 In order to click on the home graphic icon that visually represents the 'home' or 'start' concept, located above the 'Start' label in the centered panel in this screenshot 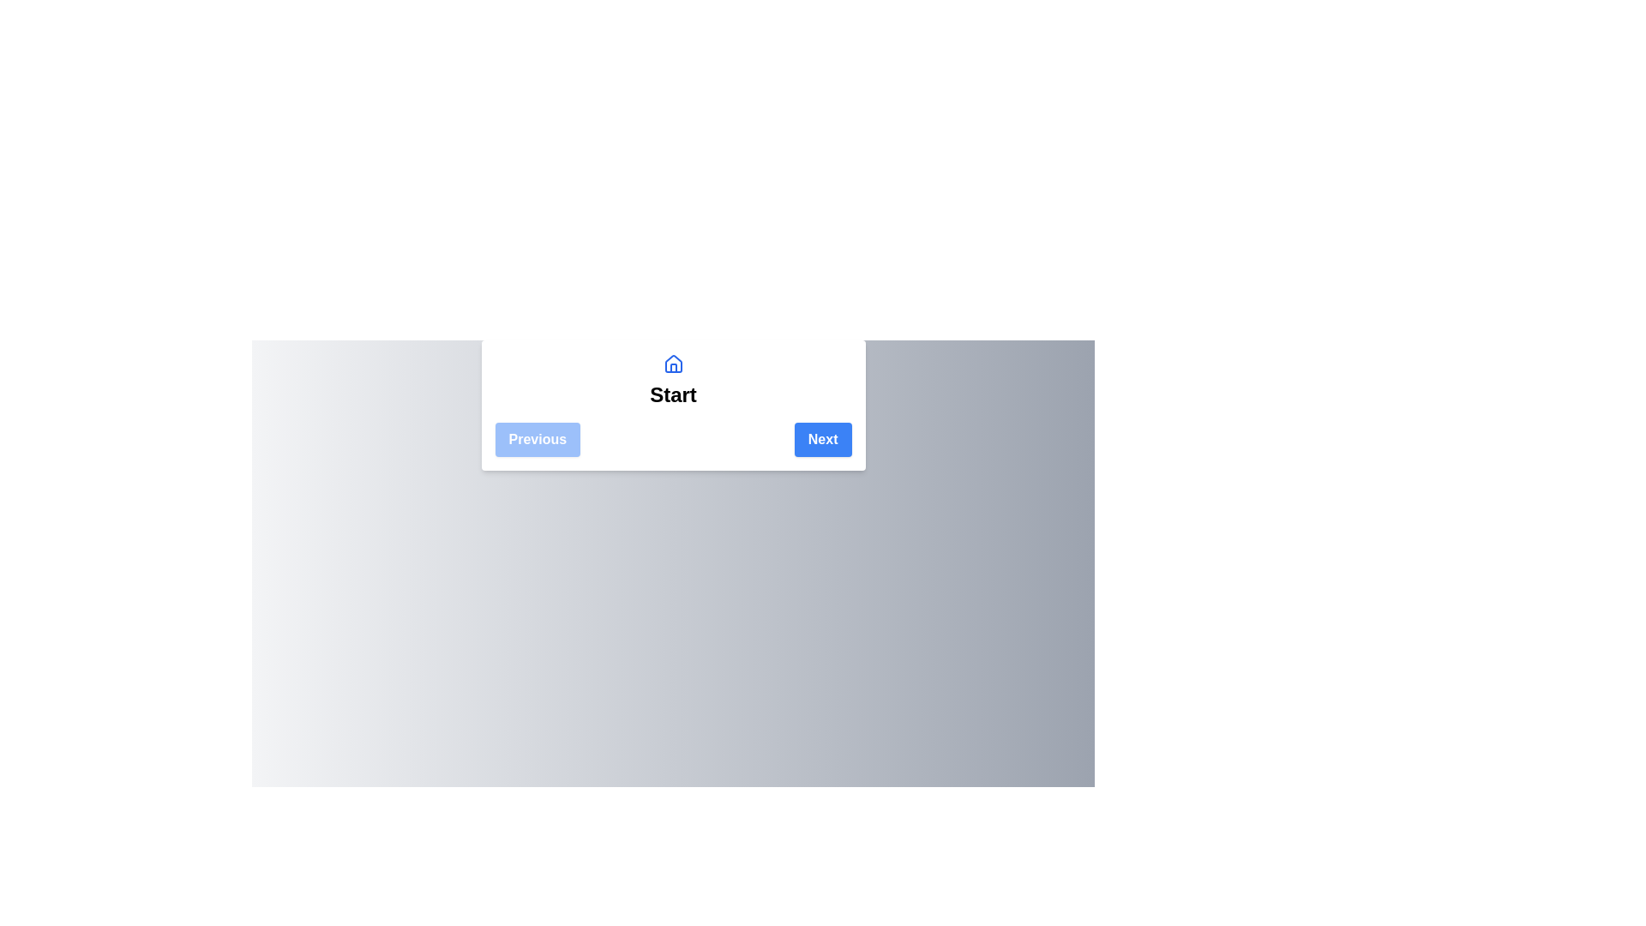, I will do `click(672, 363)`.